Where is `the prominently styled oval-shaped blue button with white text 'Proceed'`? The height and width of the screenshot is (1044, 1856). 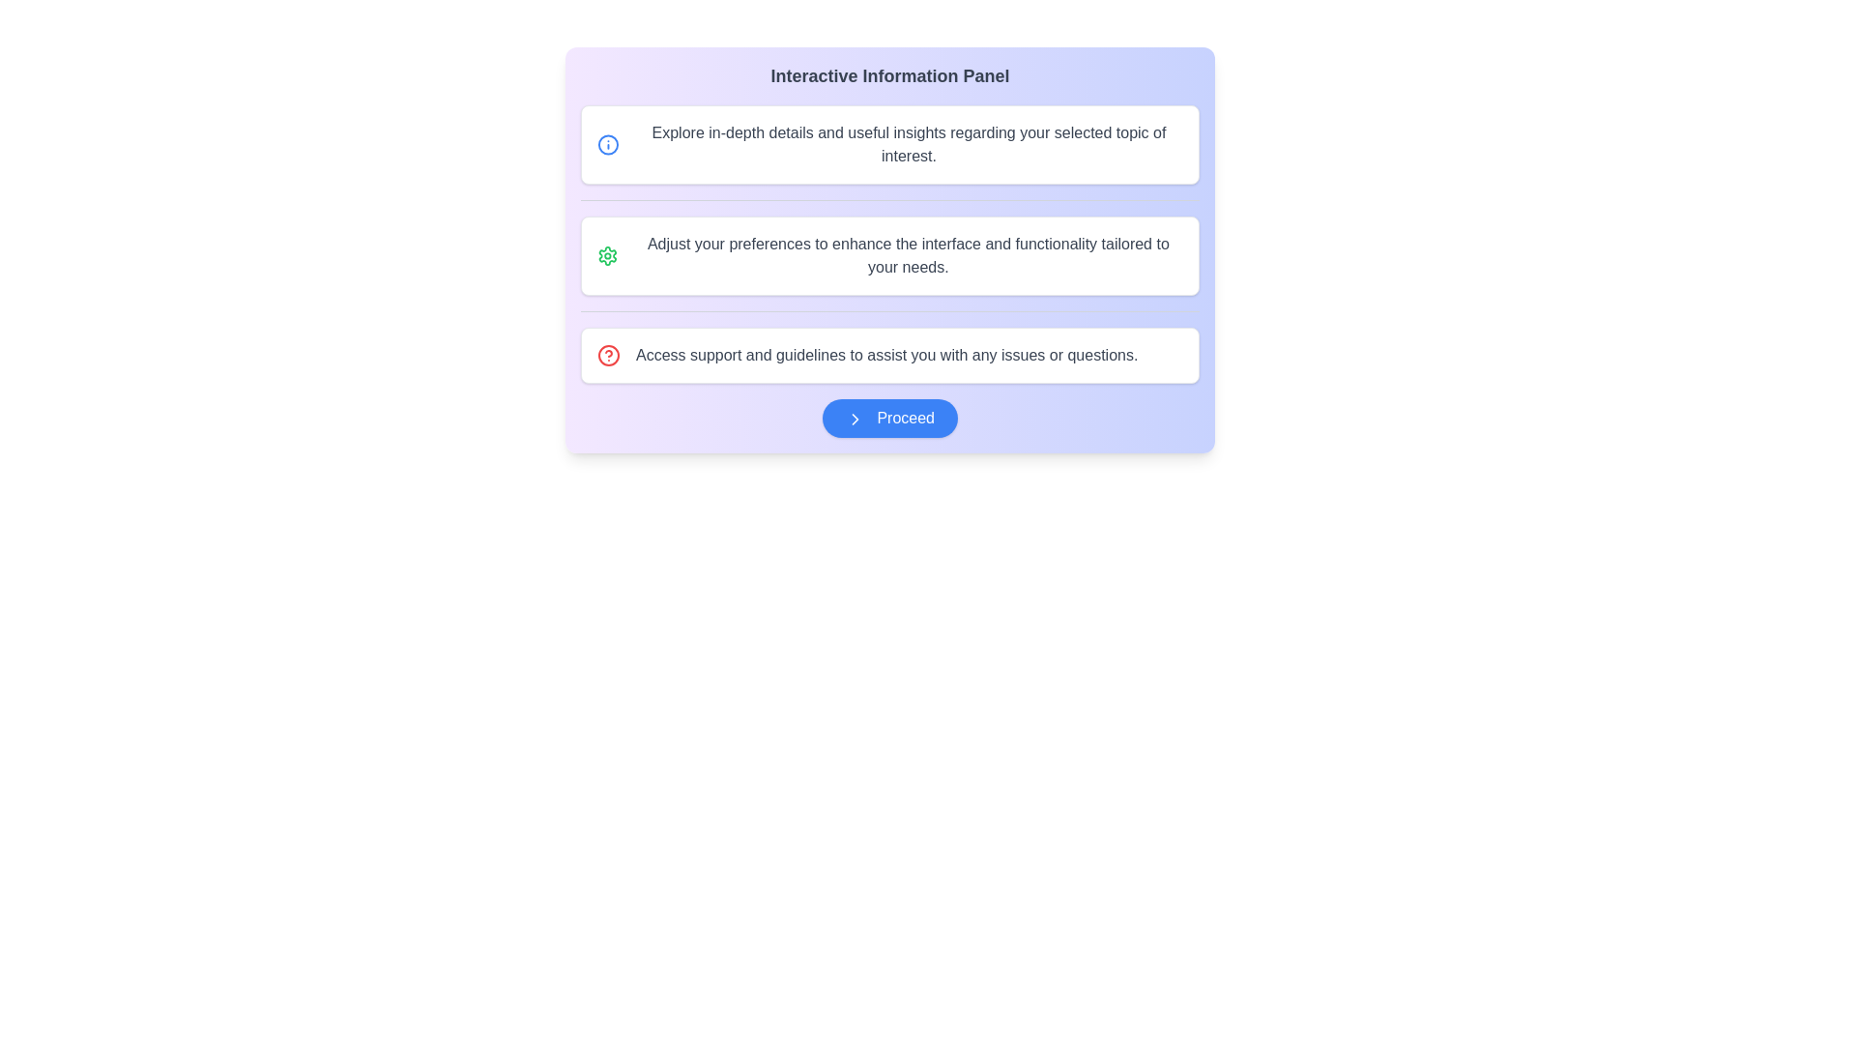 the prominently styled oval-shaped blue button with white text 'Proceed' is located at coordinates (889, 417).